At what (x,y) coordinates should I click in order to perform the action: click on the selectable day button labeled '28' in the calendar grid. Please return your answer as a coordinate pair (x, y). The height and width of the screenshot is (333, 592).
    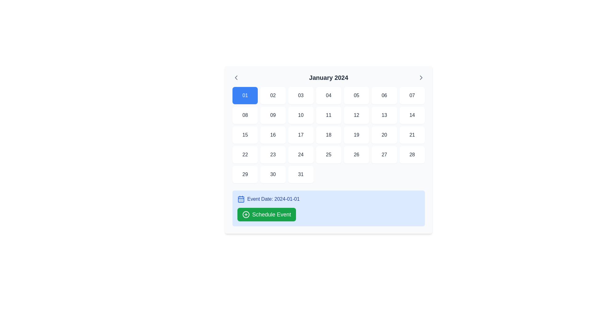
    Looking at the image, I should click on (412, 154).